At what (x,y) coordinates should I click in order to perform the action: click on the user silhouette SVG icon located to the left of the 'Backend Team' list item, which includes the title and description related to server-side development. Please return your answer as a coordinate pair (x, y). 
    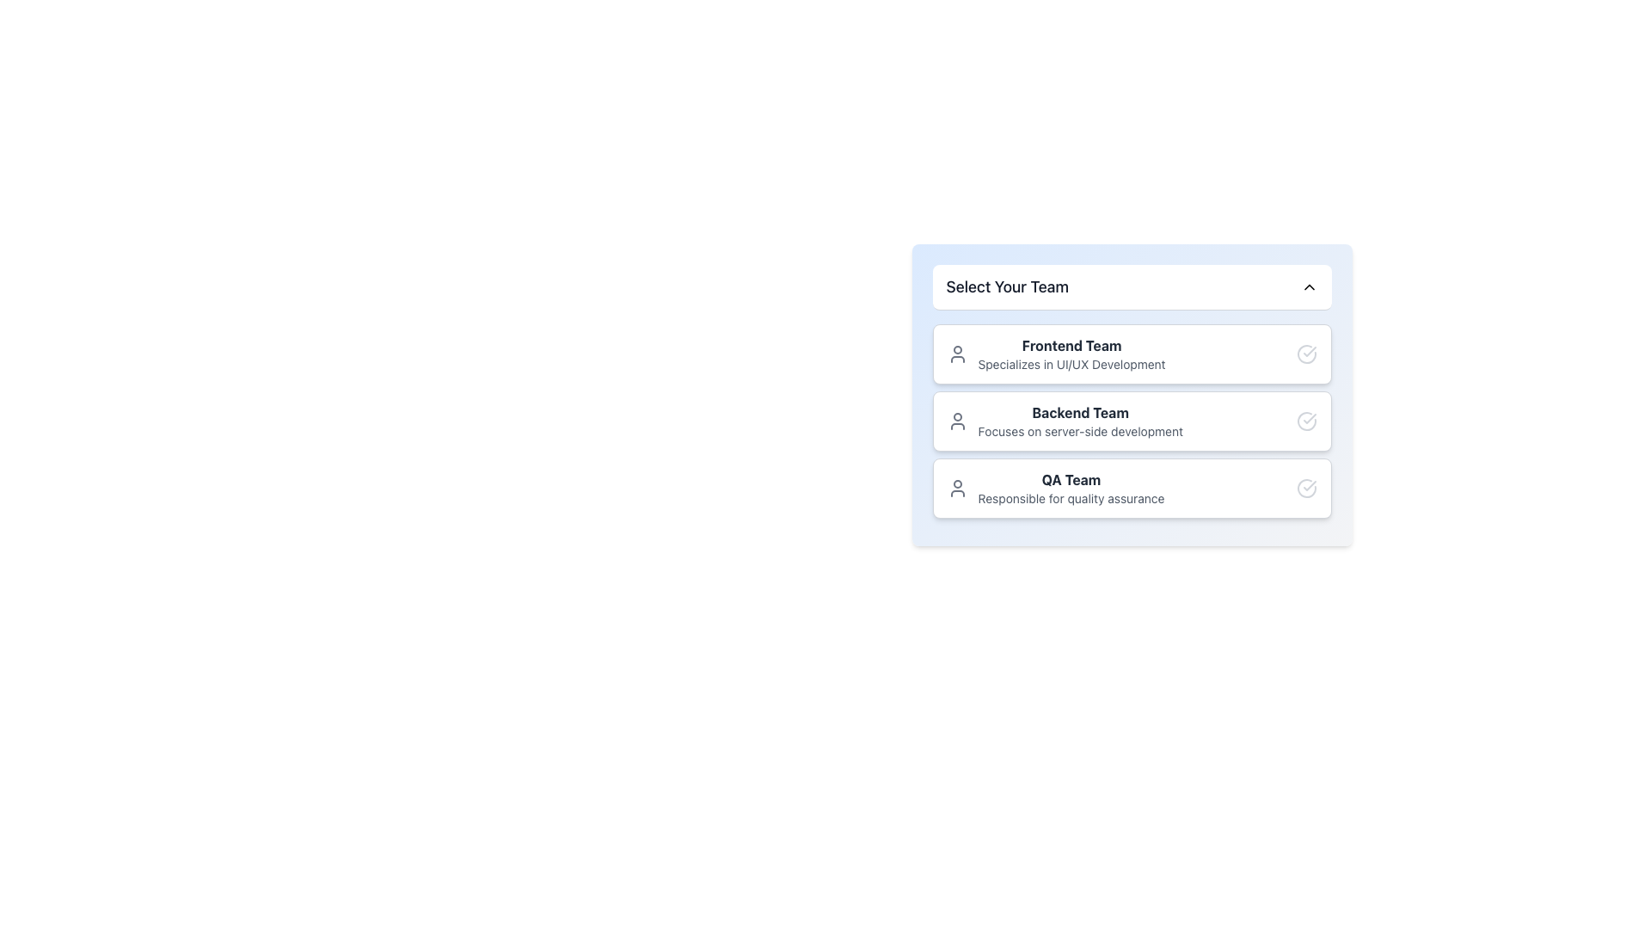
    Looking at the image, I should click on (956, 421).